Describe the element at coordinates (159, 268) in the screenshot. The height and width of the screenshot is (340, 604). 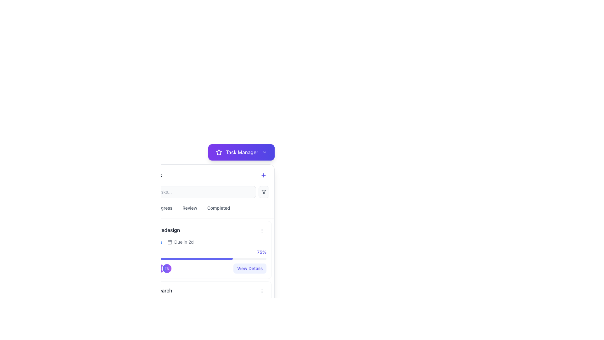
I see `the circular badge labeled 'T4', which has a gradient from indigo to purple, to associate it as part of a group` at that location.